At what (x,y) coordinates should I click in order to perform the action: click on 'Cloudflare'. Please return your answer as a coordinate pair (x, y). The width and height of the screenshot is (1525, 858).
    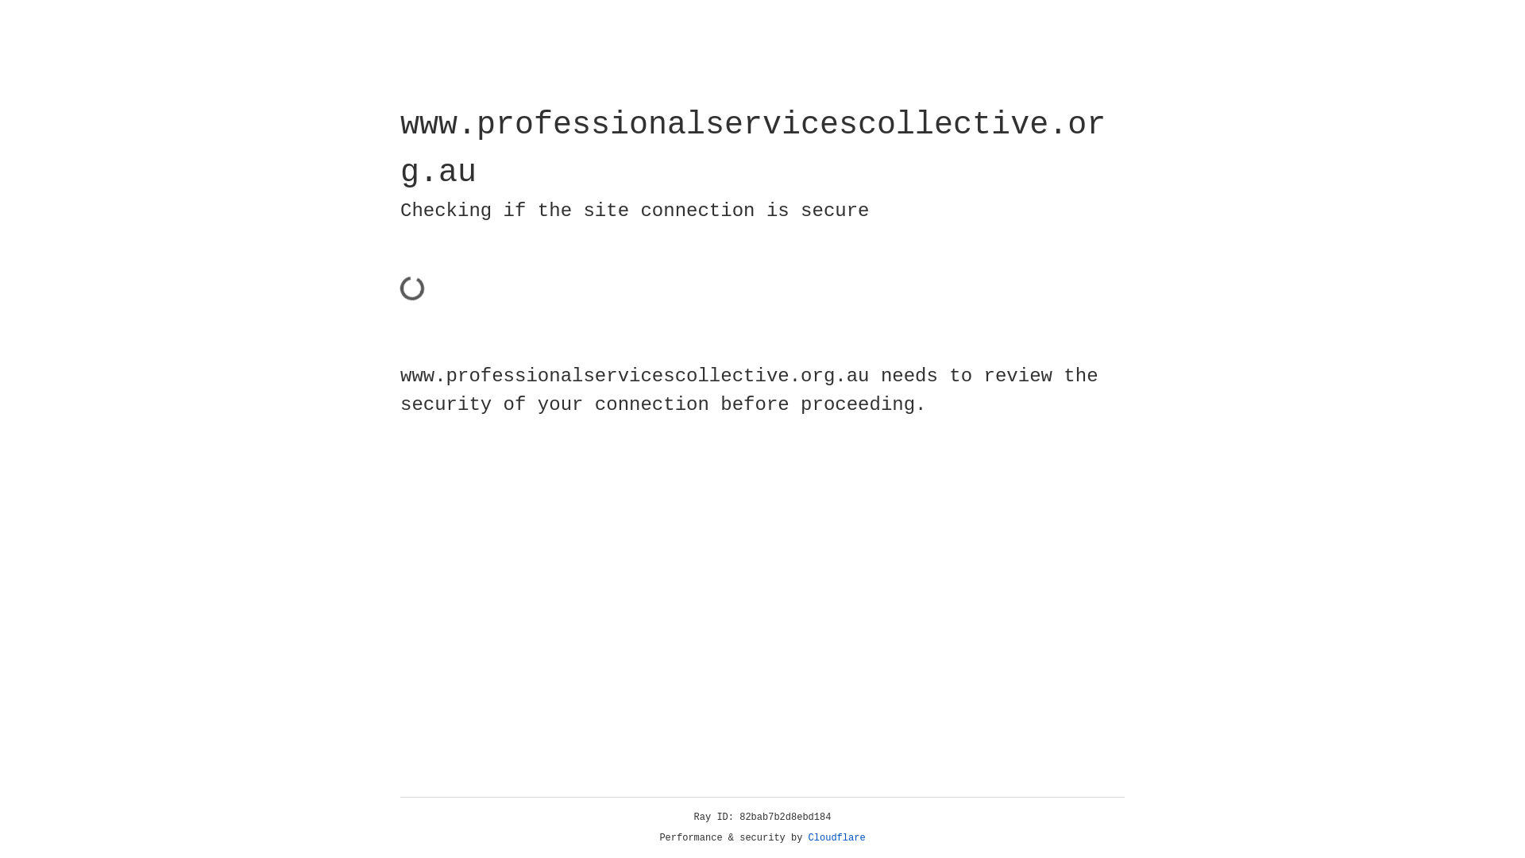
    Looking at the image, I should click on (836, 837).